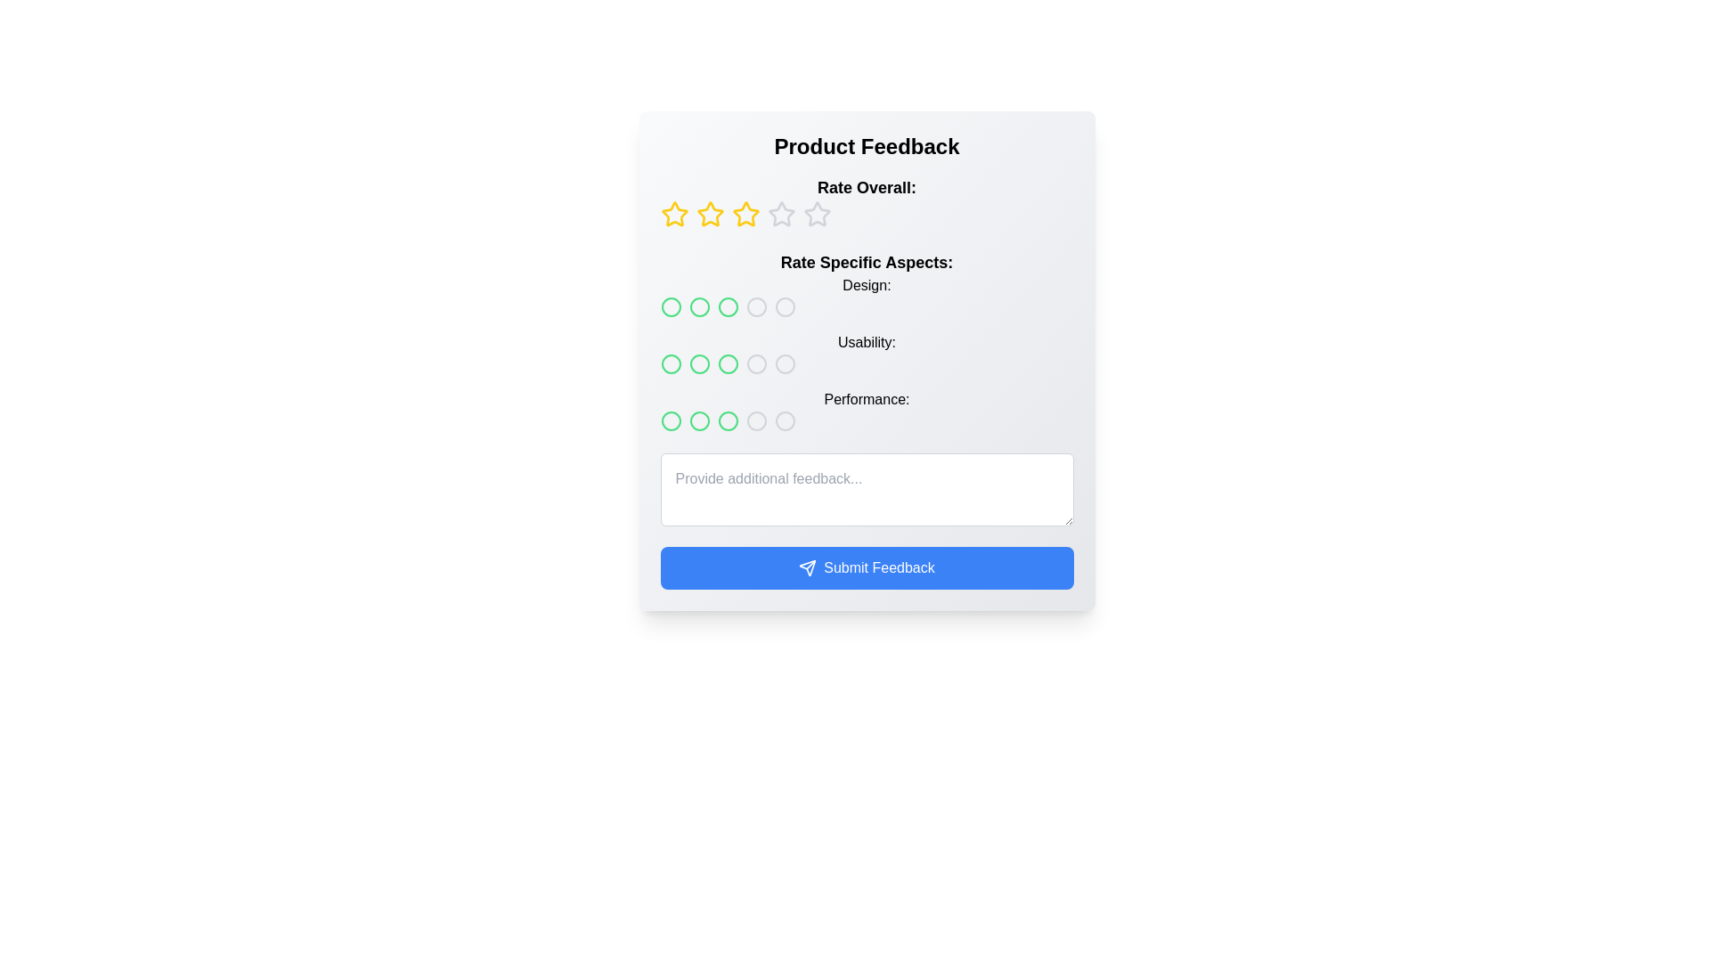  I want to click on the text label that reads 'Performance:' which is styled with medium font weight and positioned to the left of the rating circles in the 'Rate Specific Aspects' section, so click(867, 398).